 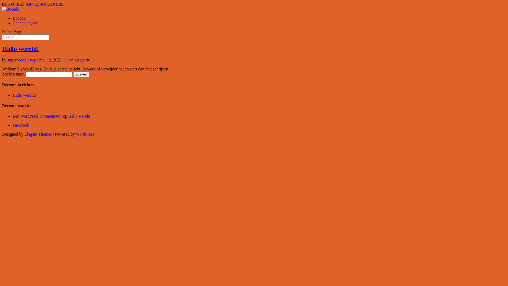 What do you see at coordinates (25, 23) in the screenshot?
I see `'Geen categorie'` at bounding box center [25, 23].